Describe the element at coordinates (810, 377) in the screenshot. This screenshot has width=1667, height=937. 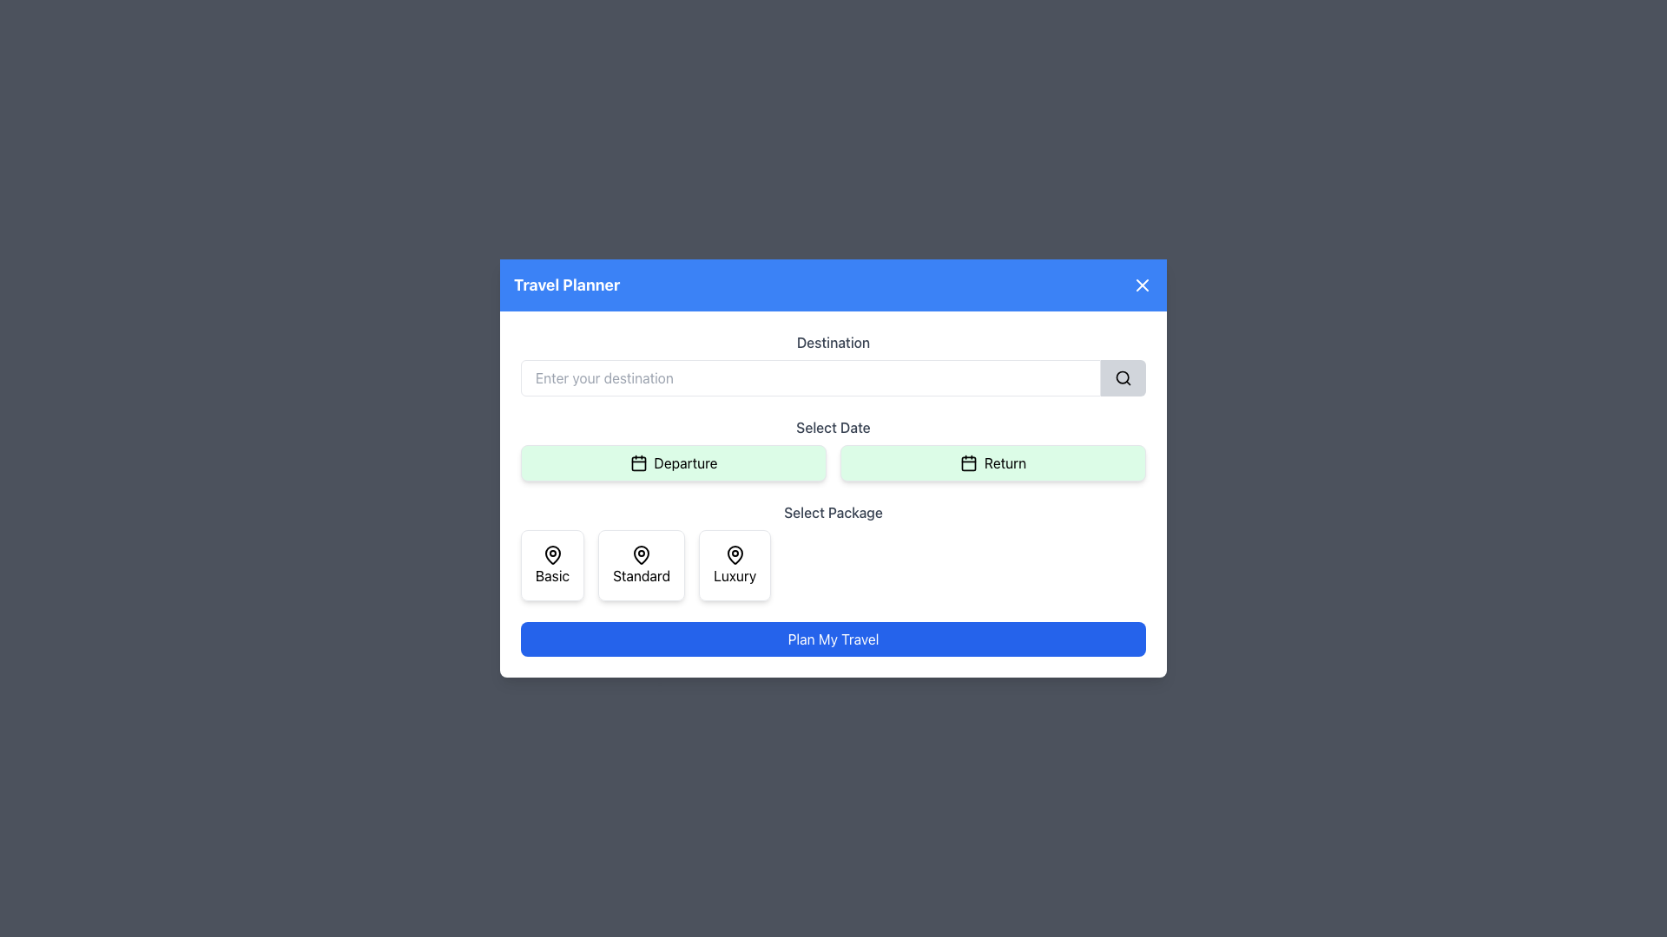
I see `the Text Input Field in the 'Select Destination' section to input the desired destination text` at that location.